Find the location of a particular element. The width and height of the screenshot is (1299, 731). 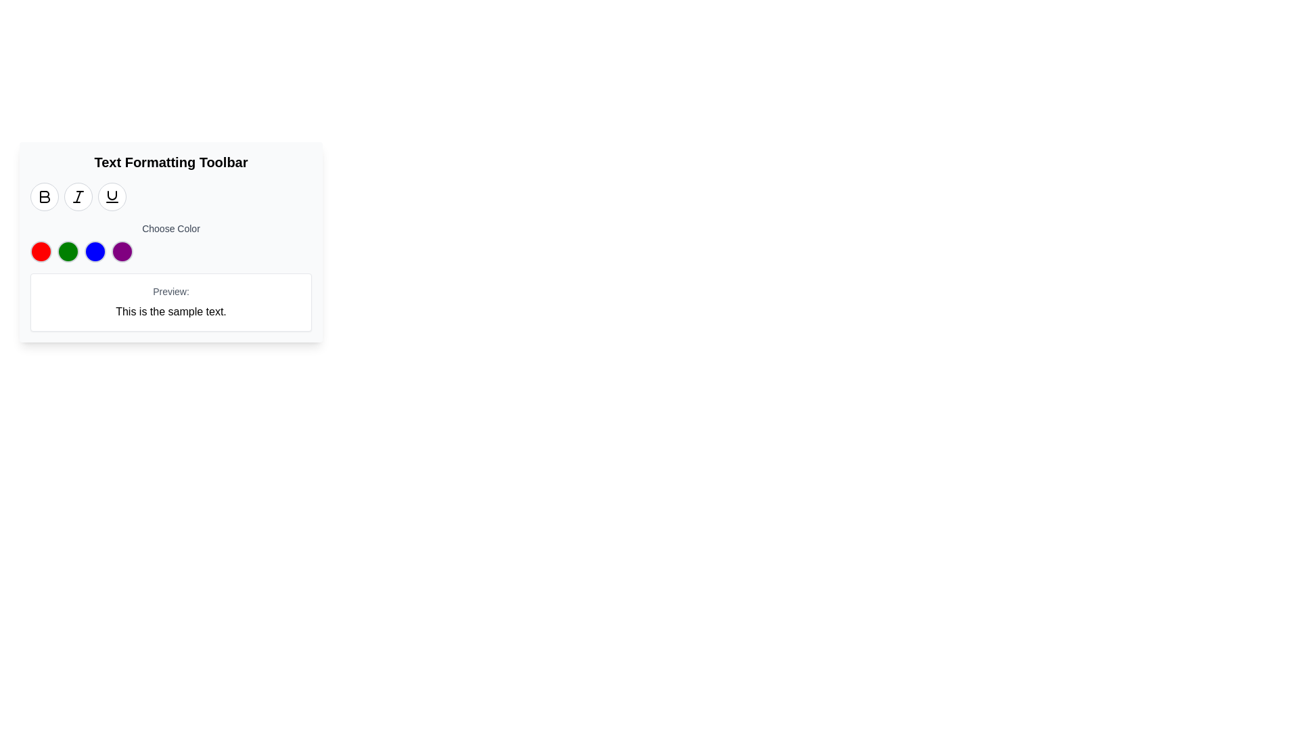

the text element displaying sample placeholder text, located below the 'Preview:' label in the bordered box layout is located at coordinates (170, 312).